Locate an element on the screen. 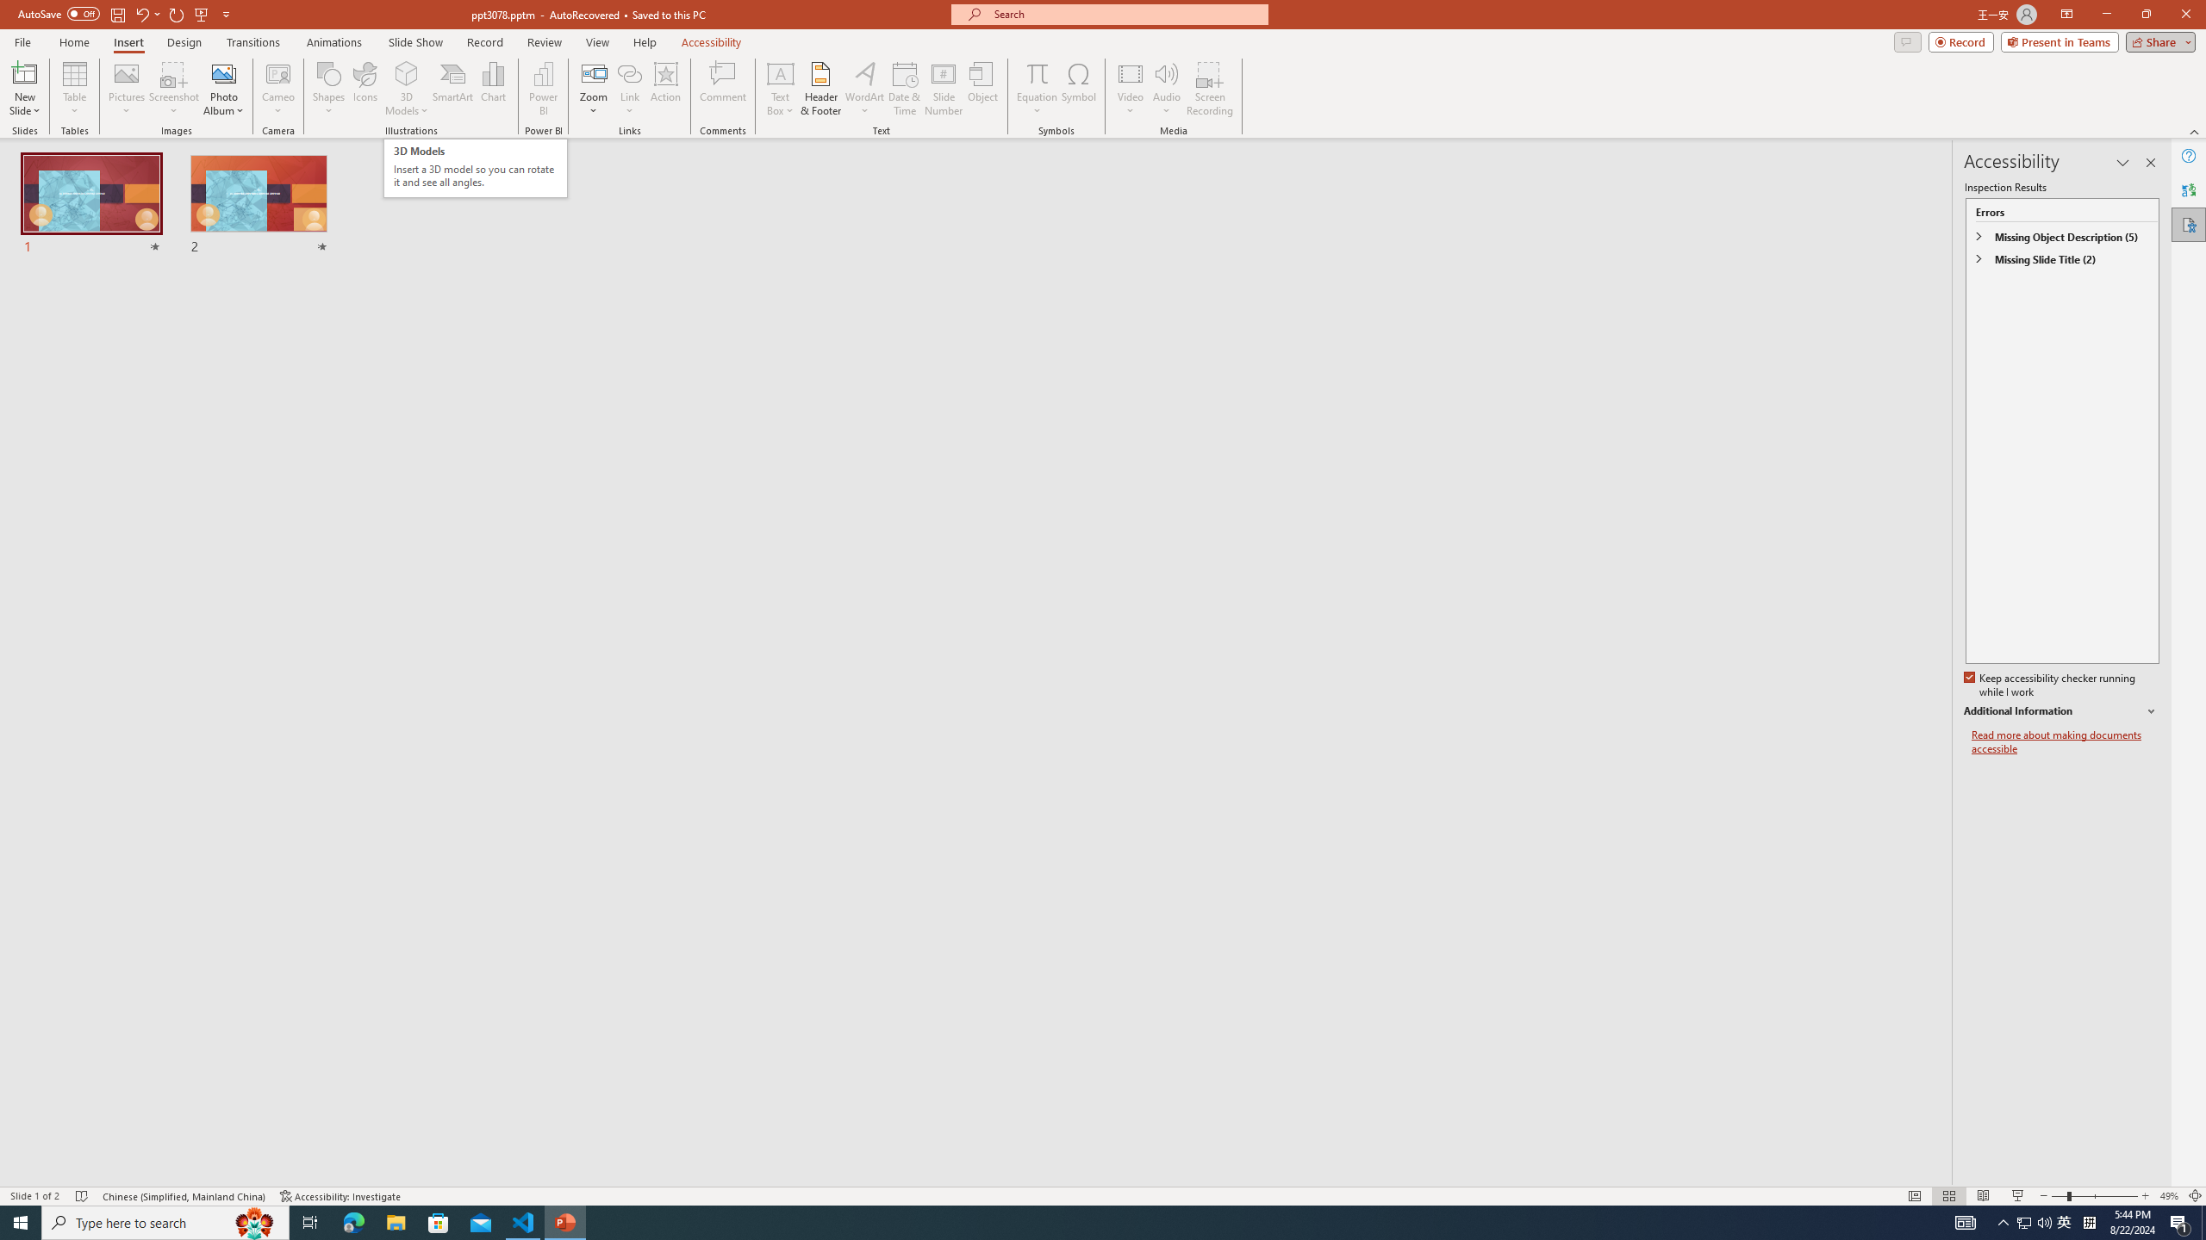  '3D Models' is located at coordinates (407, 72).